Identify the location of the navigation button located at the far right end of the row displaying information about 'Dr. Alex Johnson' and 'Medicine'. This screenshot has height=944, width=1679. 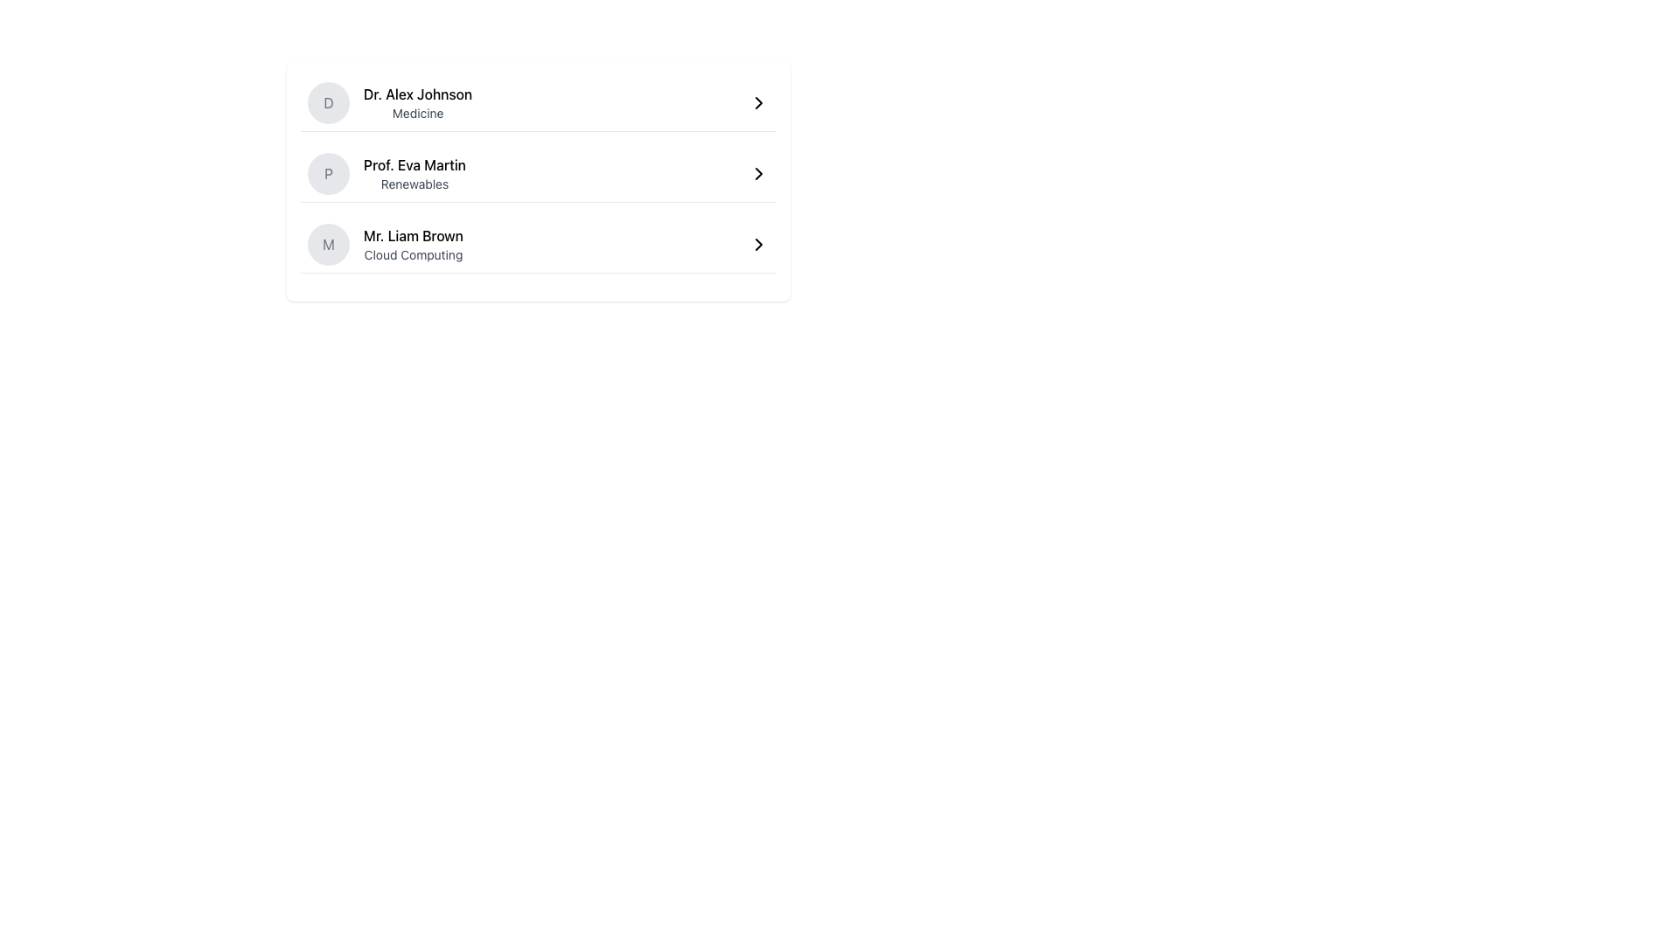
(759, 103).